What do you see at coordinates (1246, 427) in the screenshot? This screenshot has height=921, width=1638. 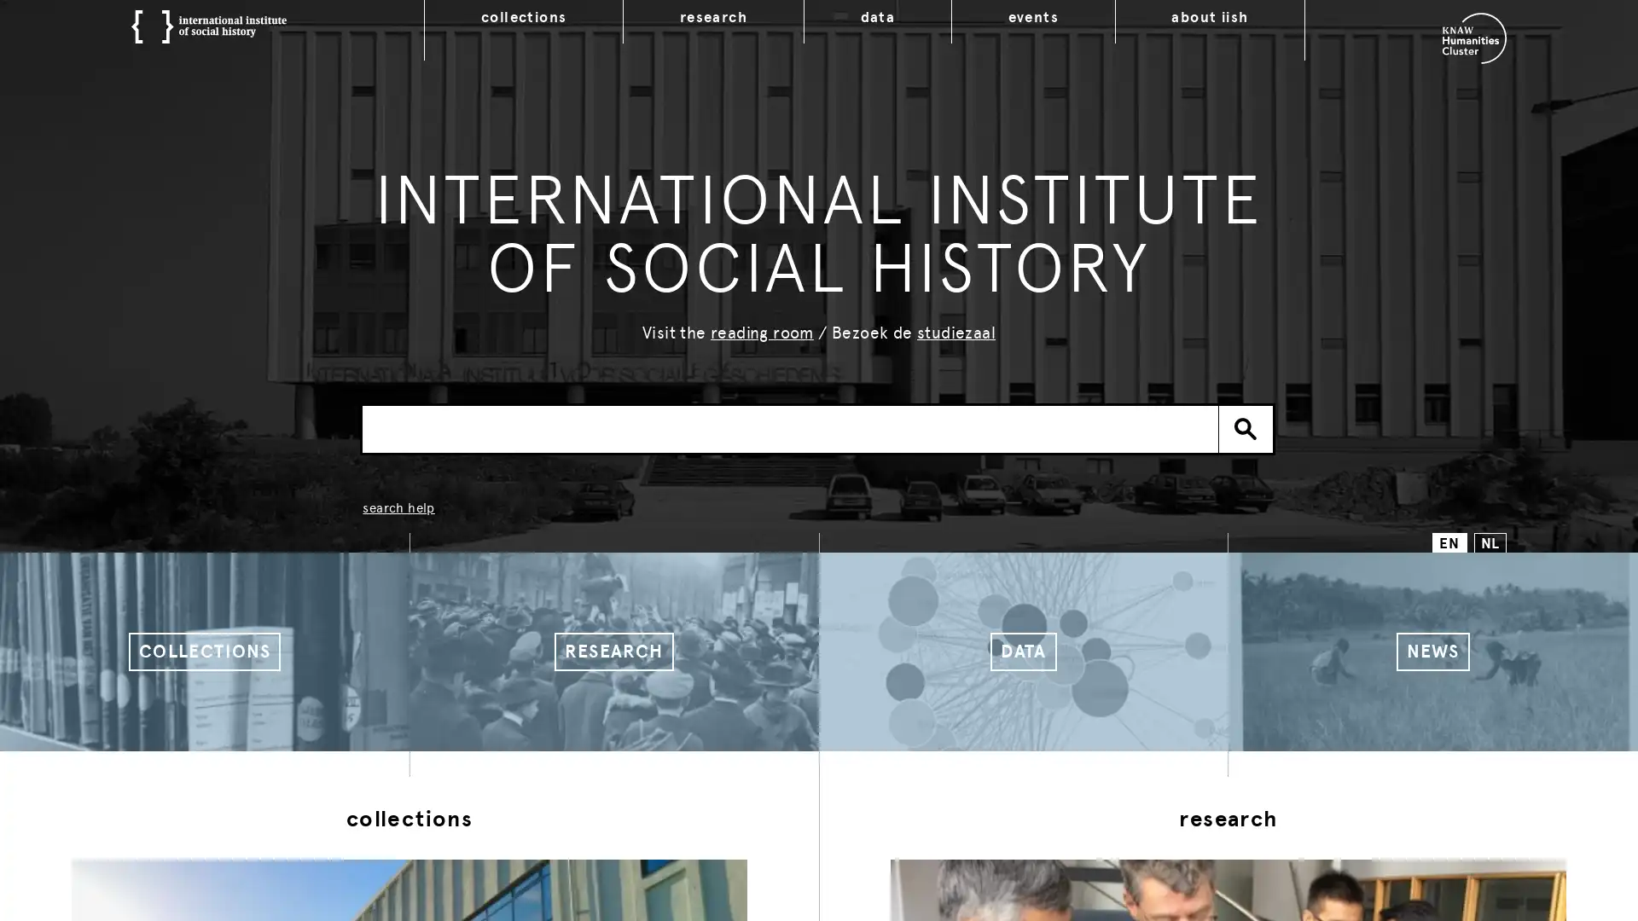 I see `Search` at bounding box center [1246, 427].